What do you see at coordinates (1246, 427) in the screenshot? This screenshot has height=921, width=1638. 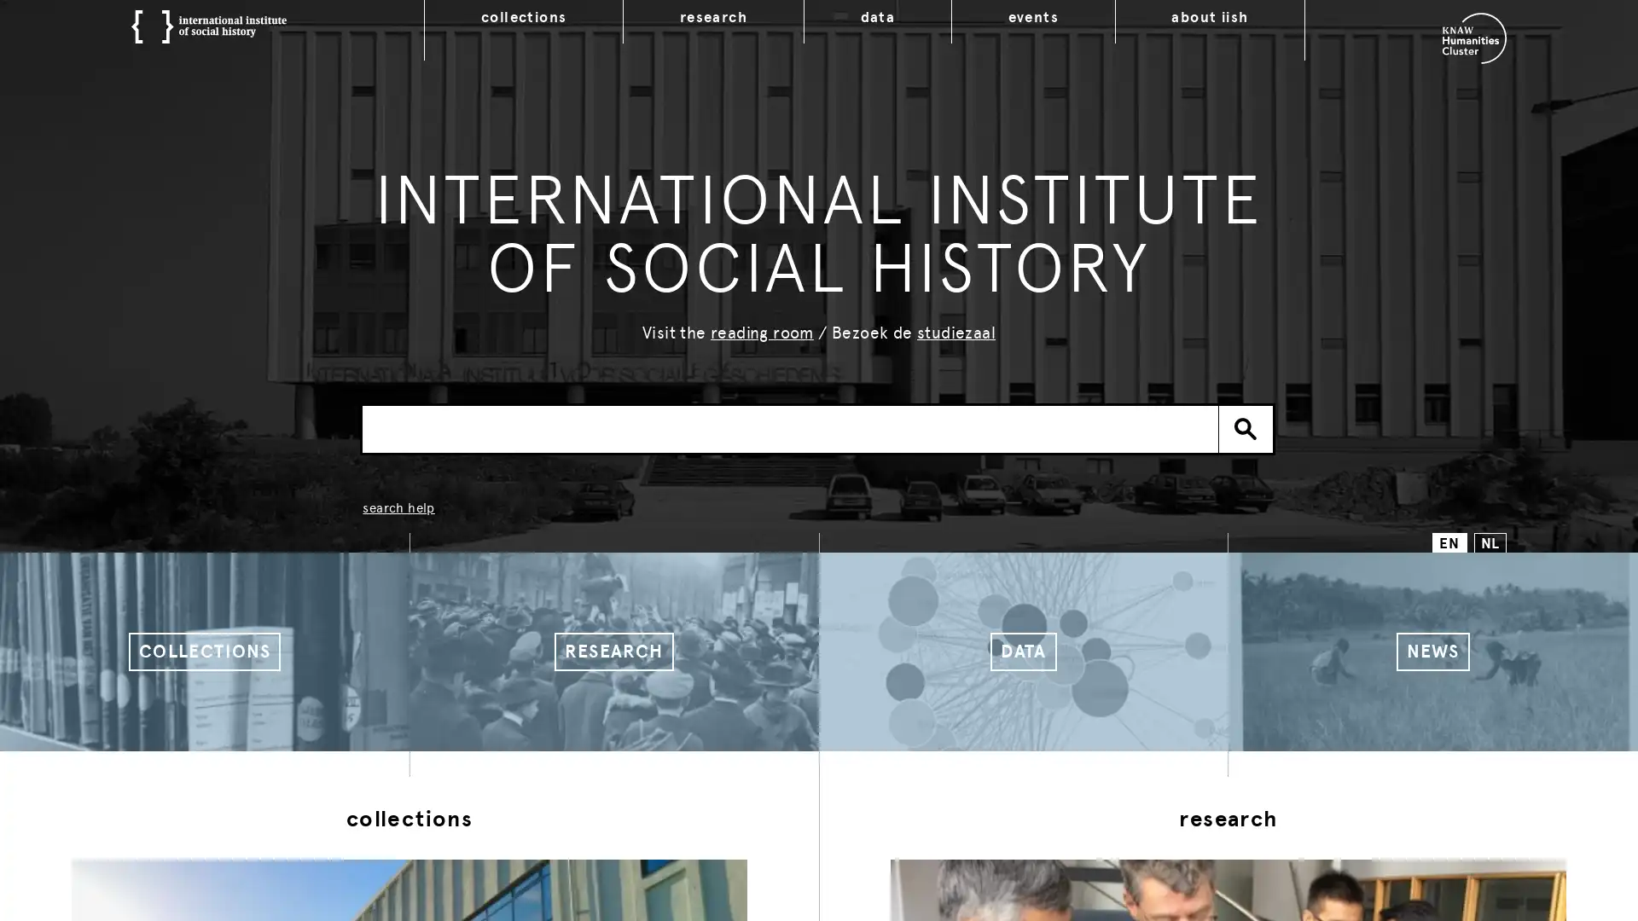 I see `Search` at bounding box center [1246, 427].